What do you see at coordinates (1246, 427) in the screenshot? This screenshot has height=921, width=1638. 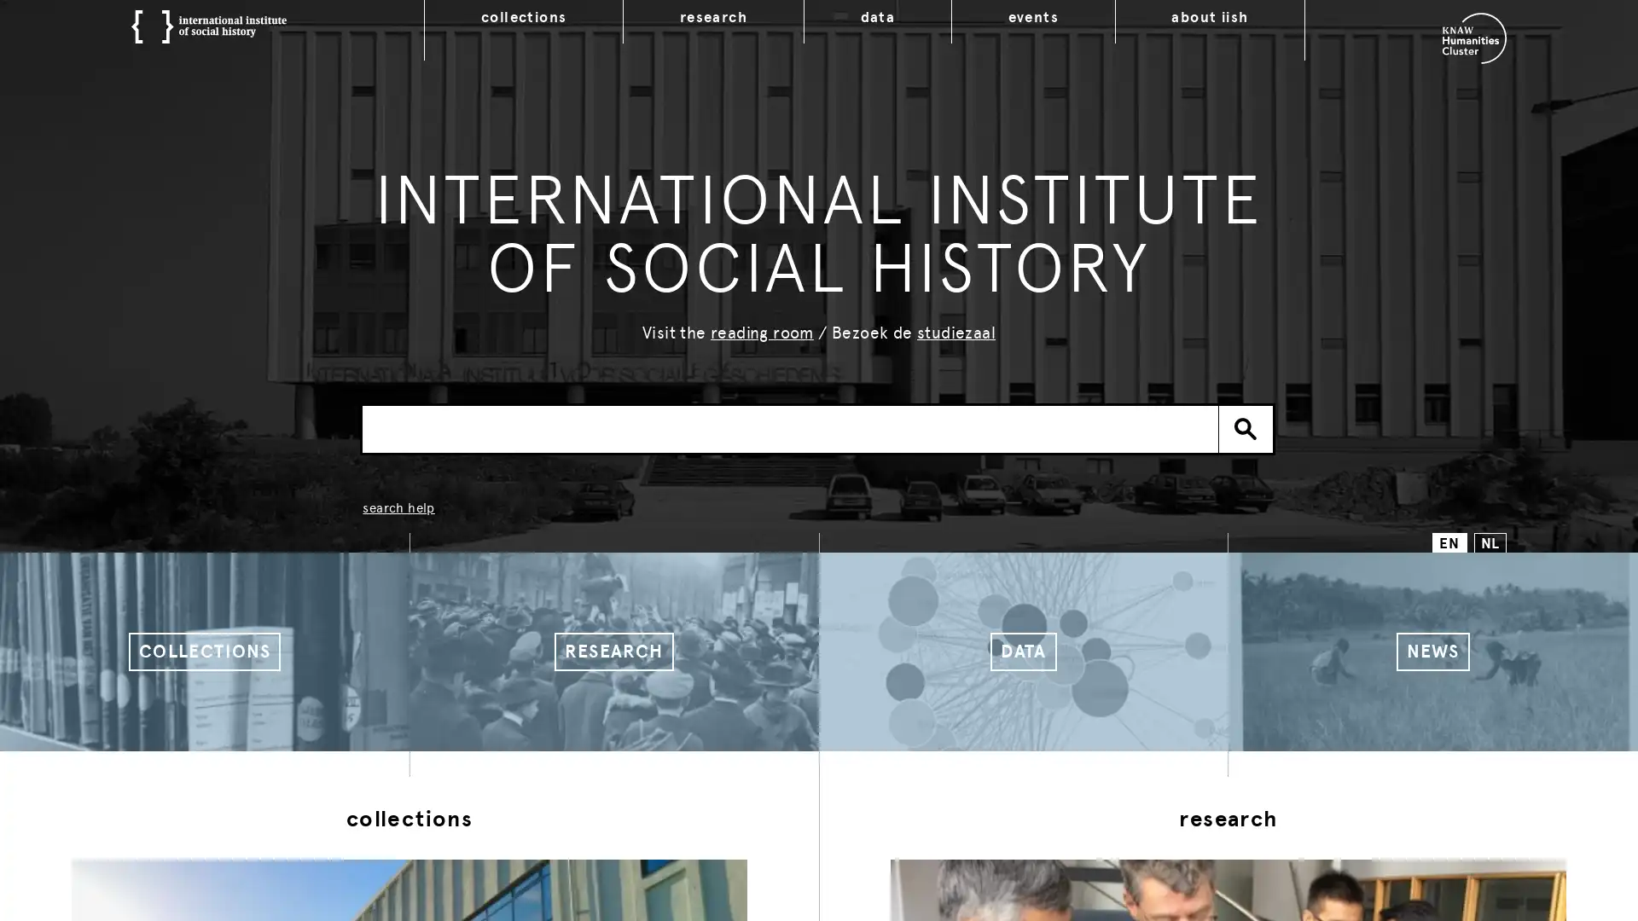 I see `Search` at bounding box center [1246, 427].